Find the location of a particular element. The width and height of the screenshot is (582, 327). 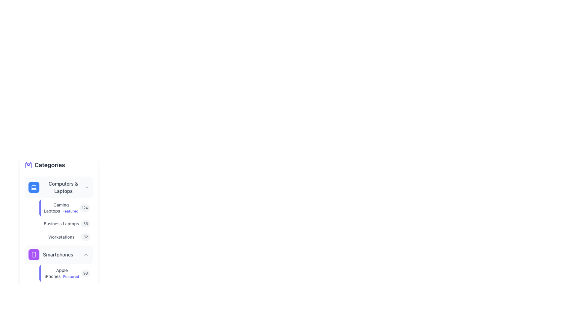

the link positioned between 'Business Laptops' and the number badge '32' in the 'Computers & Laptops' section of the categories side panel is located at coordinates (61, 237).